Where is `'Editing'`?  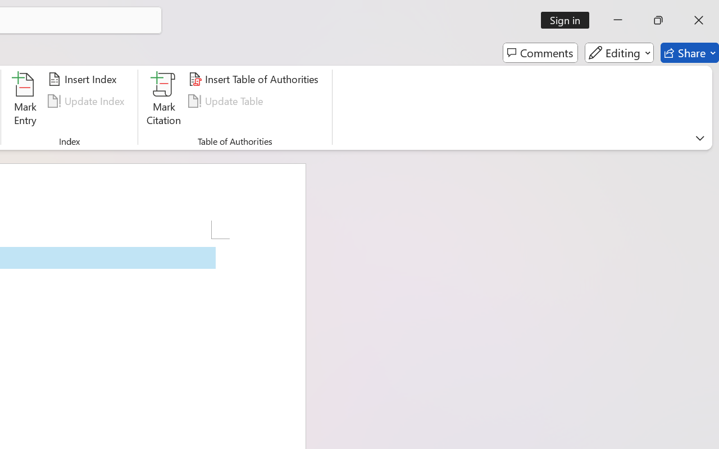 'Editing' is located at coordinates (618, 53).